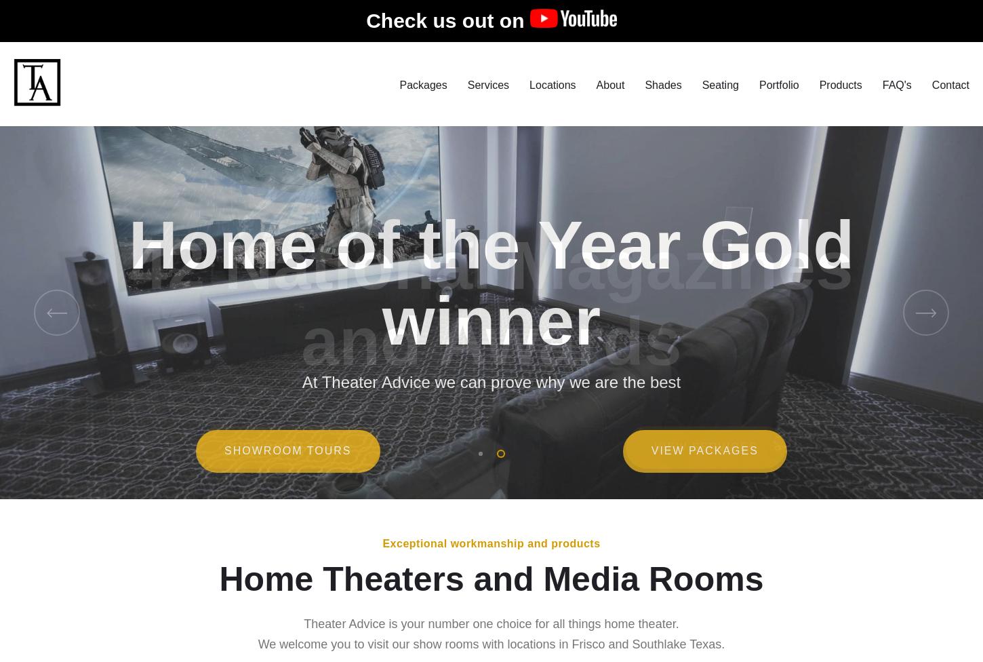  Describe the element at coordinates (422, 91) in the screenshot. I see `'Packages'` at that location.